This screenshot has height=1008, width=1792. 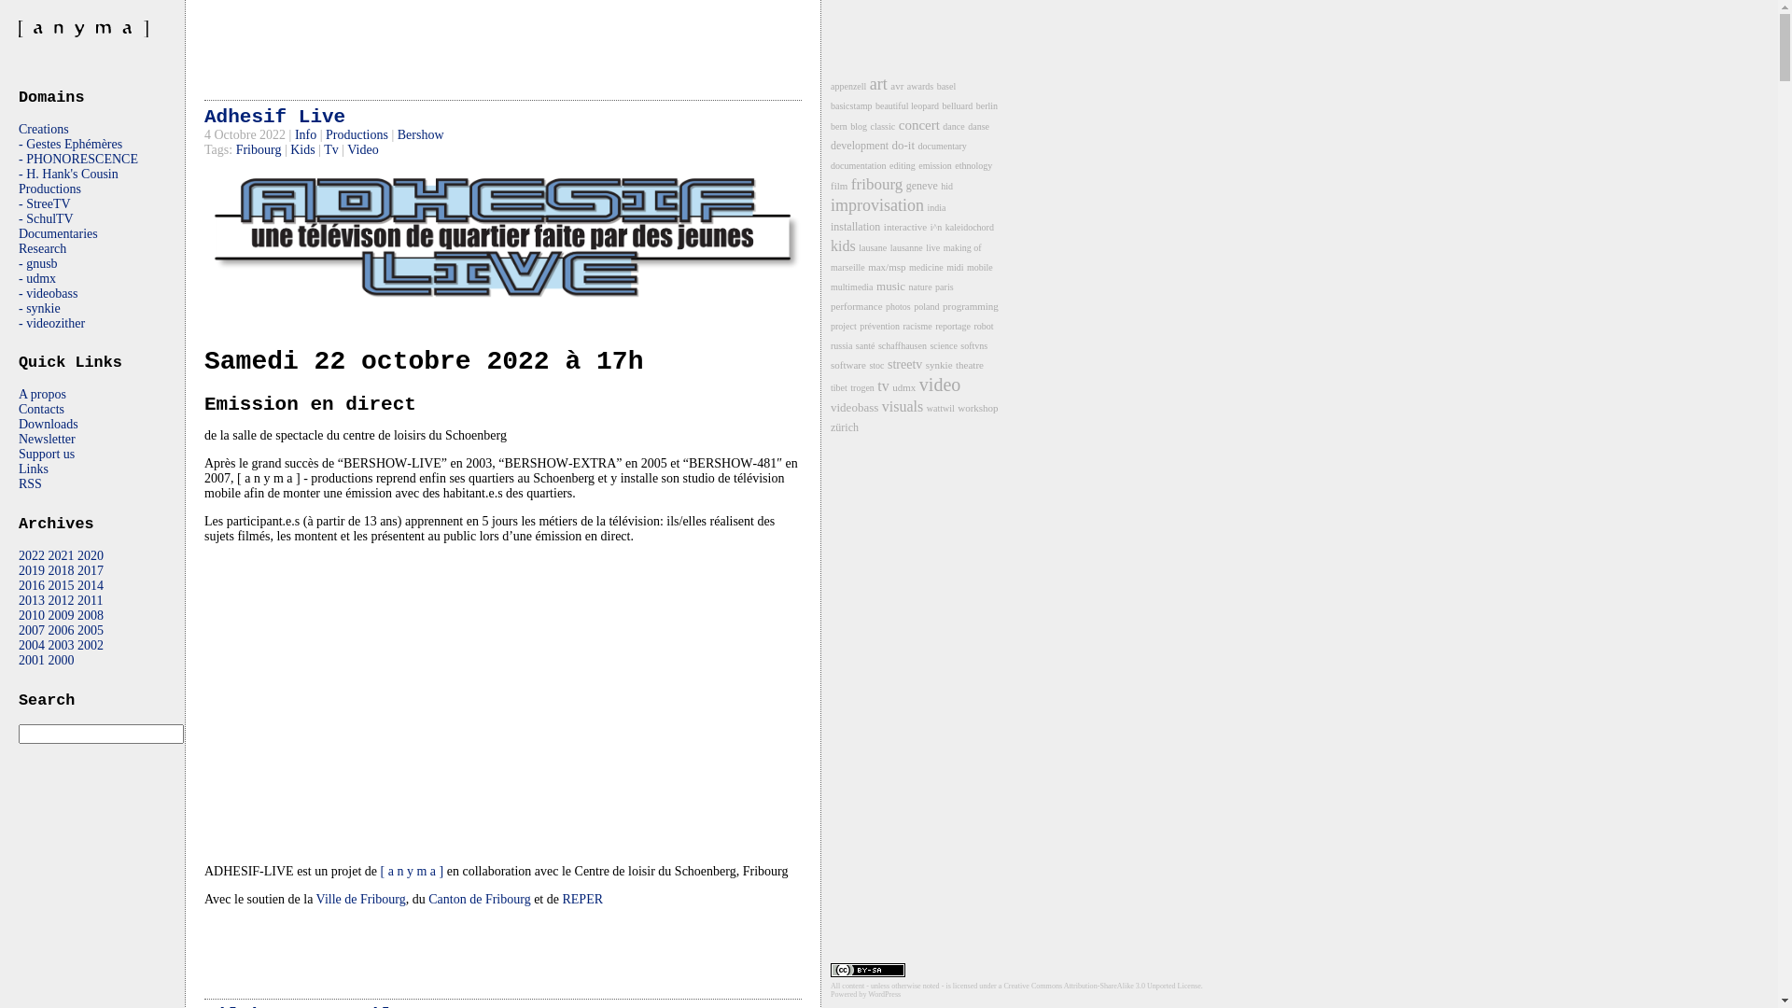 What do you see at coordinates (940, 384) in the screenshot?
I see `'video'` at bounding box center [940, 384].